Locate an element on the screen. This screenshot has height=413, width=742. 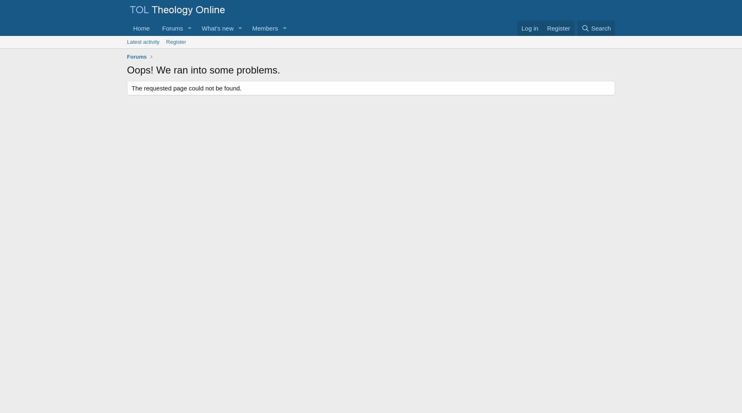
'Oops! We ran into some problems.' is located at coordinates (126, 69).